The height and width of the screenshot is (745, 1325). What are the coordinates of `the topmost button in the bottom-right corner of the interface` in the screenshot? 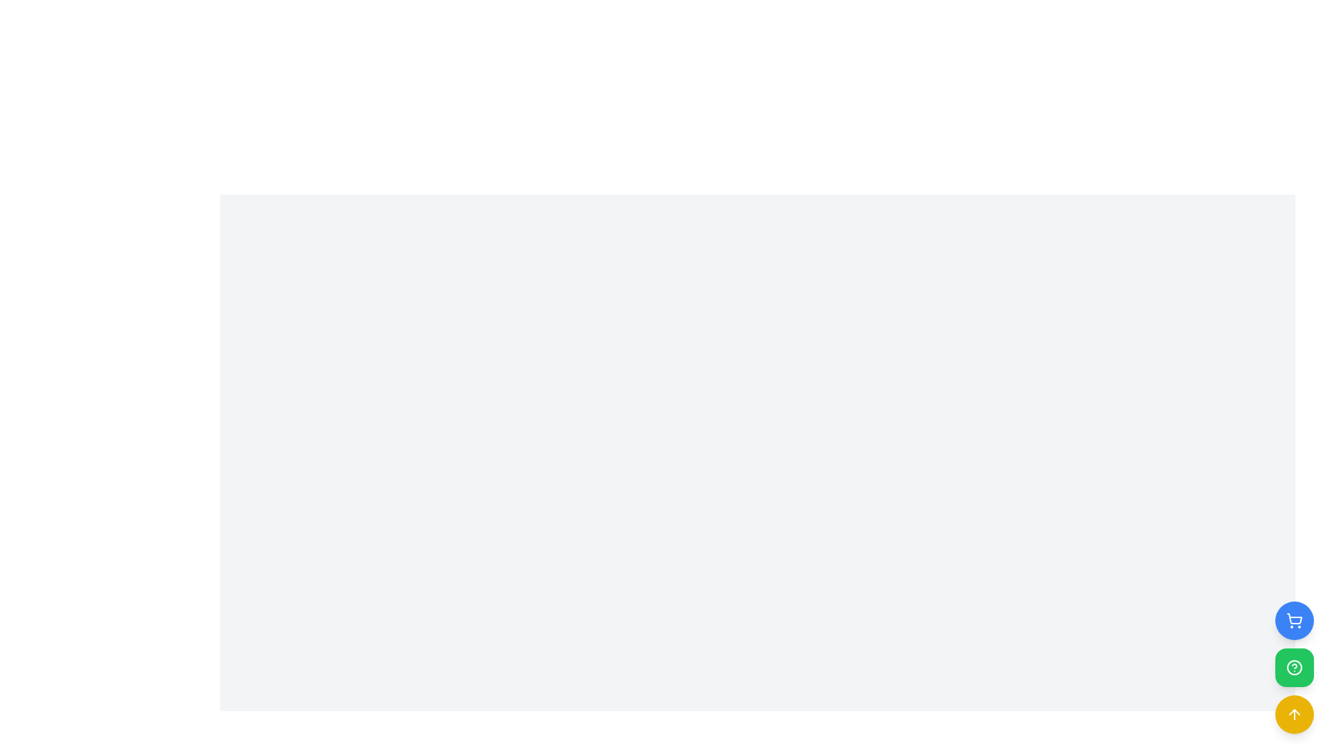 It's located at (1294, 619).